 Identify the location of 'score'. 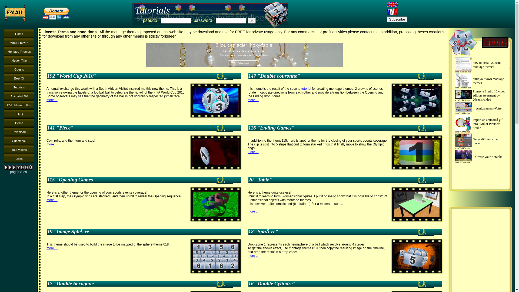
(421, 76).